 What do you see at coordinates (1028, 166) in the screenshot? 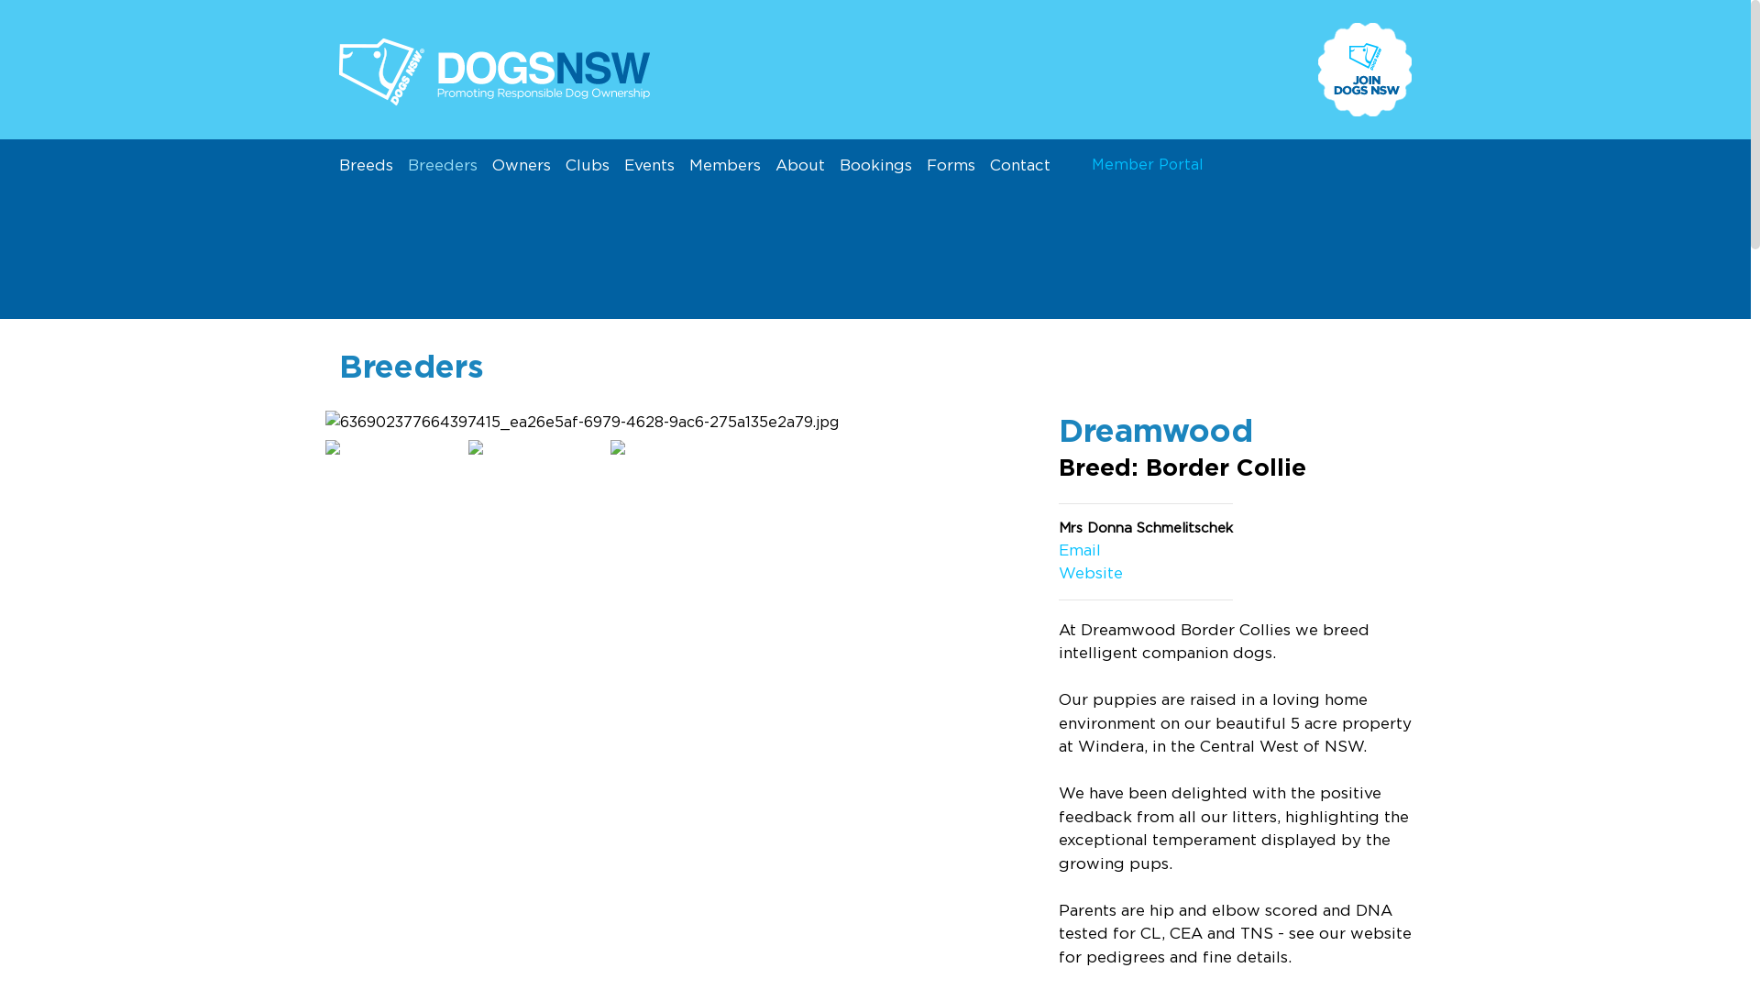
I see `'Contact'` at bounding box center [1028, 166].